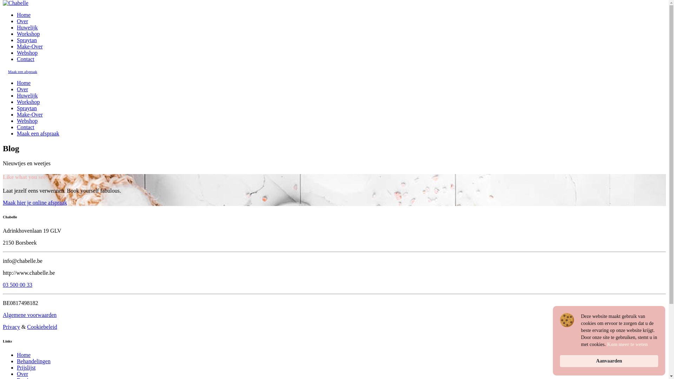 The width and height of the screenshot is (674, 379). Describe the element at coordinates (27, 108) in the screenshot. I see `'Spraytan'` at that location.